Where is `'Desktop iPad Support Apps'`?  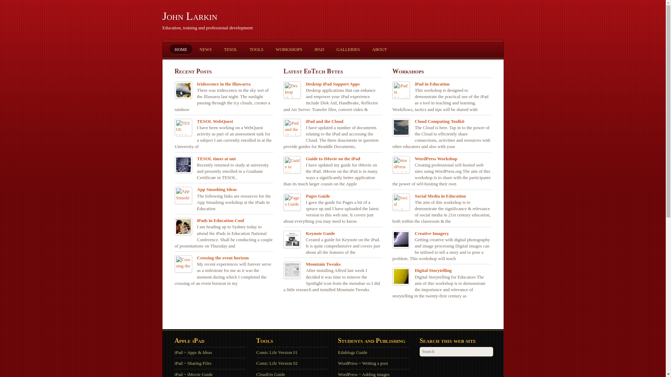 'Desktop iPad Support Apps' is located at coordinates (332, 83).